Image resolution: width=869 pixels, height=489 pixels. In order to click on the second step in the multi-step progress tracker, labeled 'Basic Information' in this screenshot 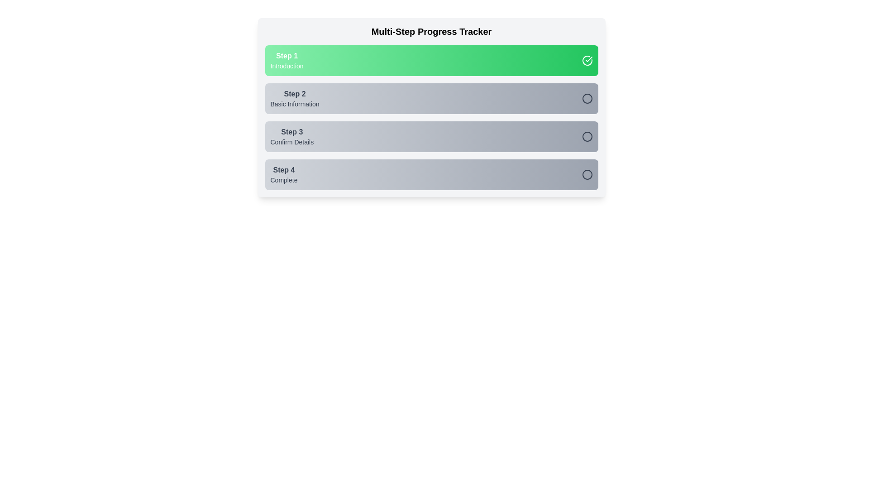, I will do `click(431, 99)`.